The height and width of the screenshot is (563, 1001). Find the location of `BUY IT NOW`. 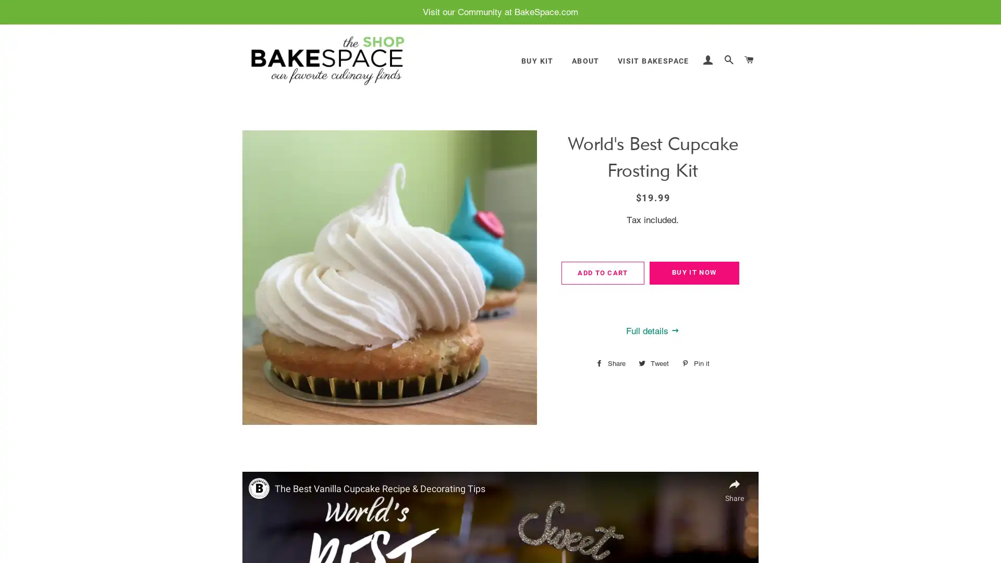

BUY IT NOW is located at coordinates (693, 272).